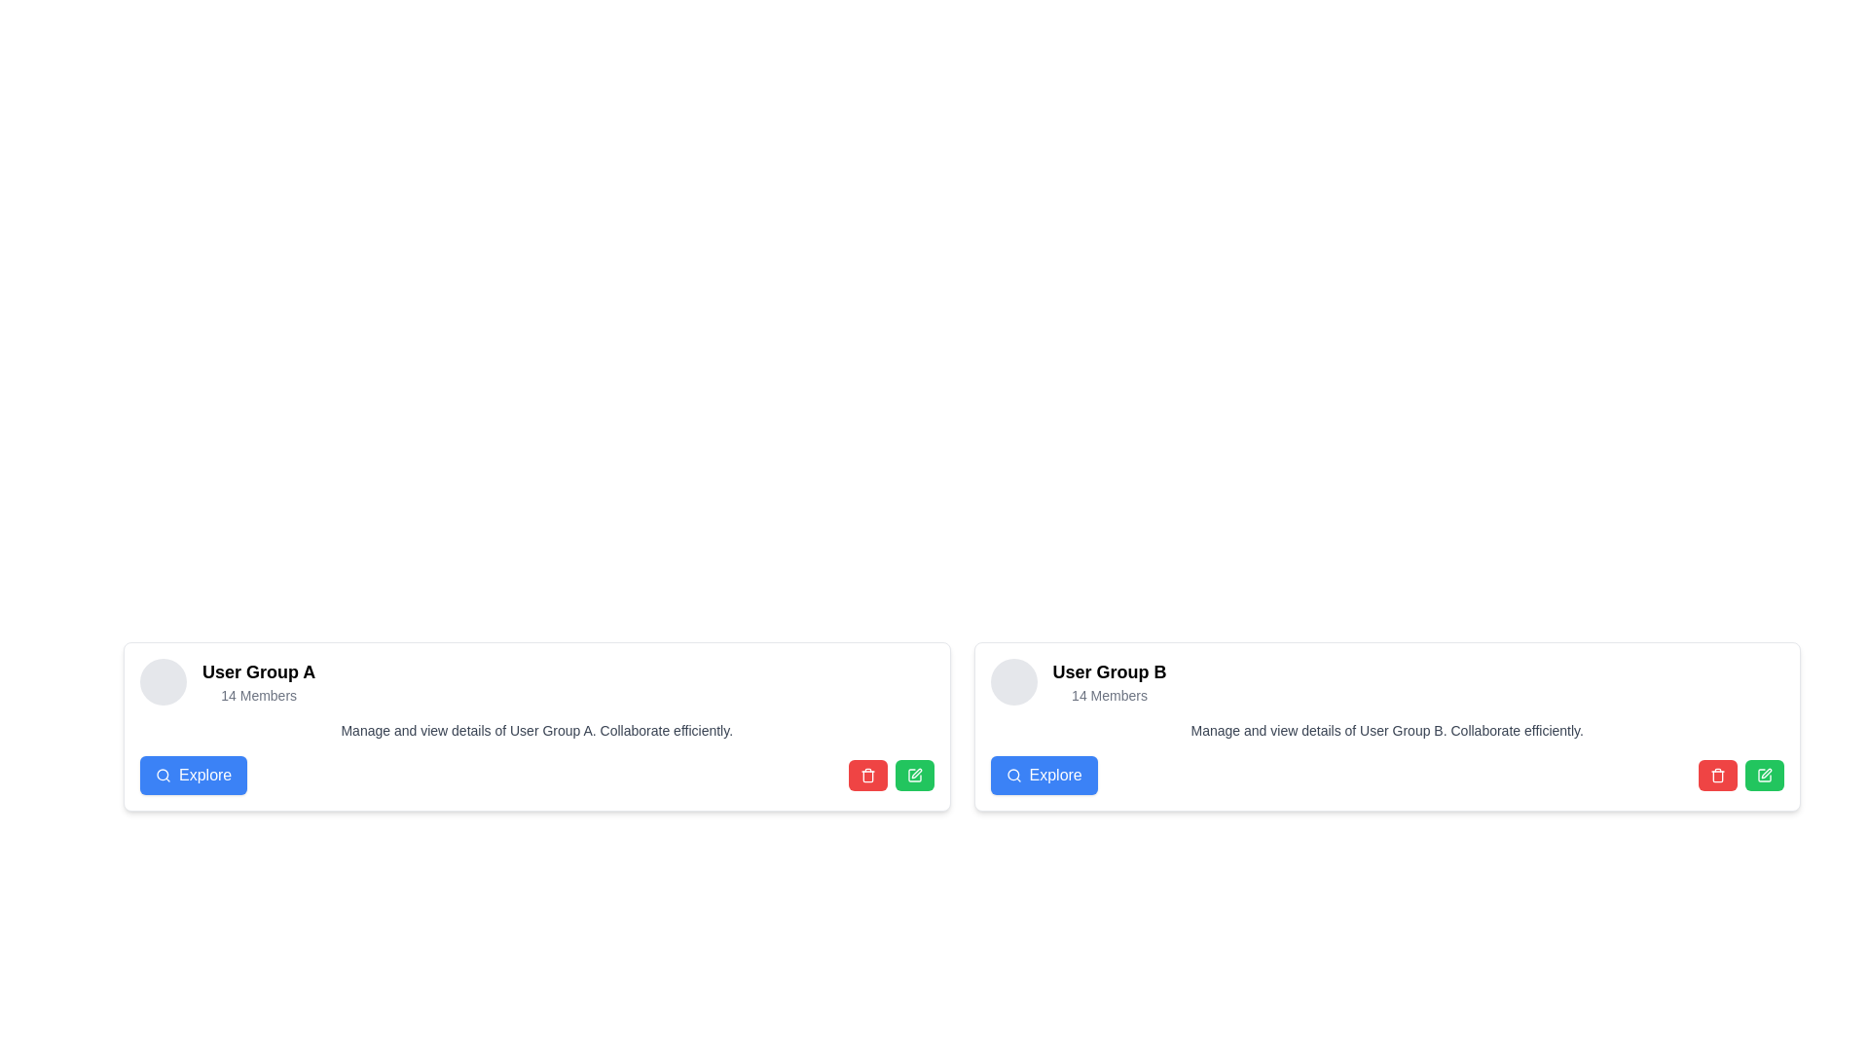  Describe the element at coordinates (1765, 775) in the screenshot. I see `the edit button located at the bottom-right corner of the second card in a two-card grid layout` at that location.